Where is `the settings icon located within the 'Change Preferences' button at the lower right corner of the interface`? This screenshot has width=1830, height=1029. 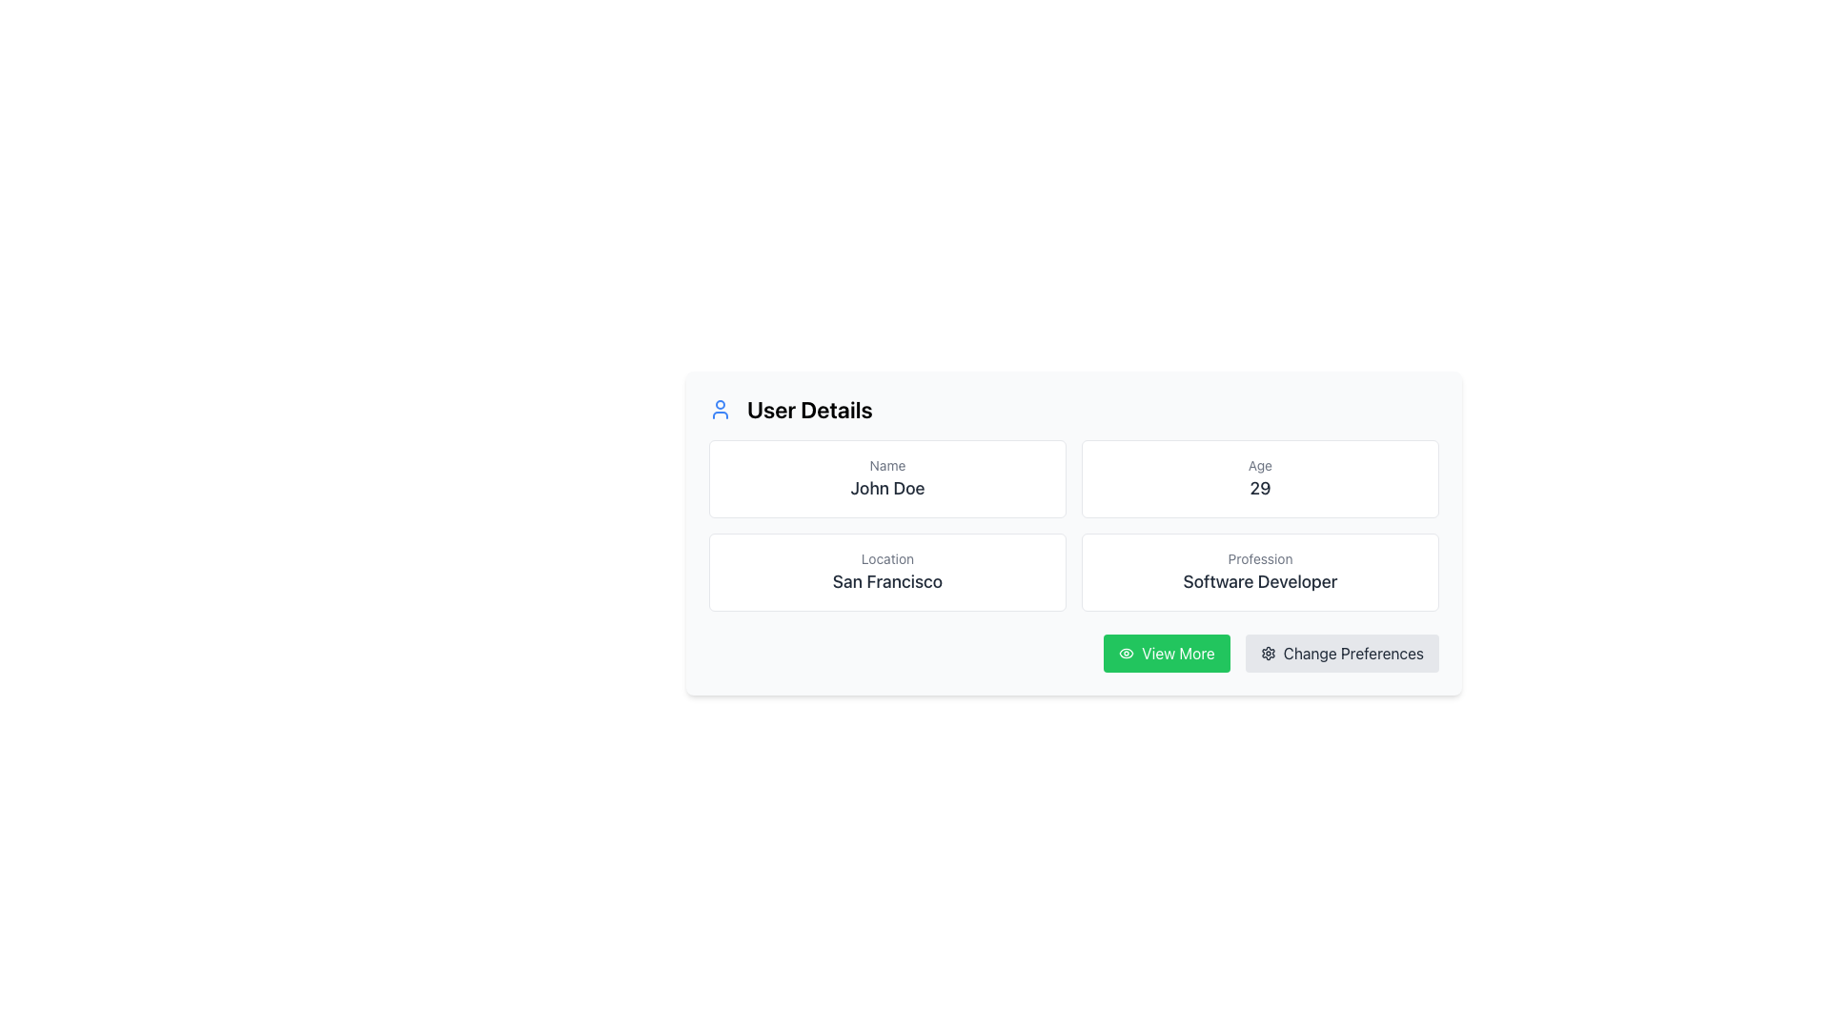
the settings icon located within the 'Change Preferences' button at the lower right corner of the interface is located at coordinates (1268, 653).